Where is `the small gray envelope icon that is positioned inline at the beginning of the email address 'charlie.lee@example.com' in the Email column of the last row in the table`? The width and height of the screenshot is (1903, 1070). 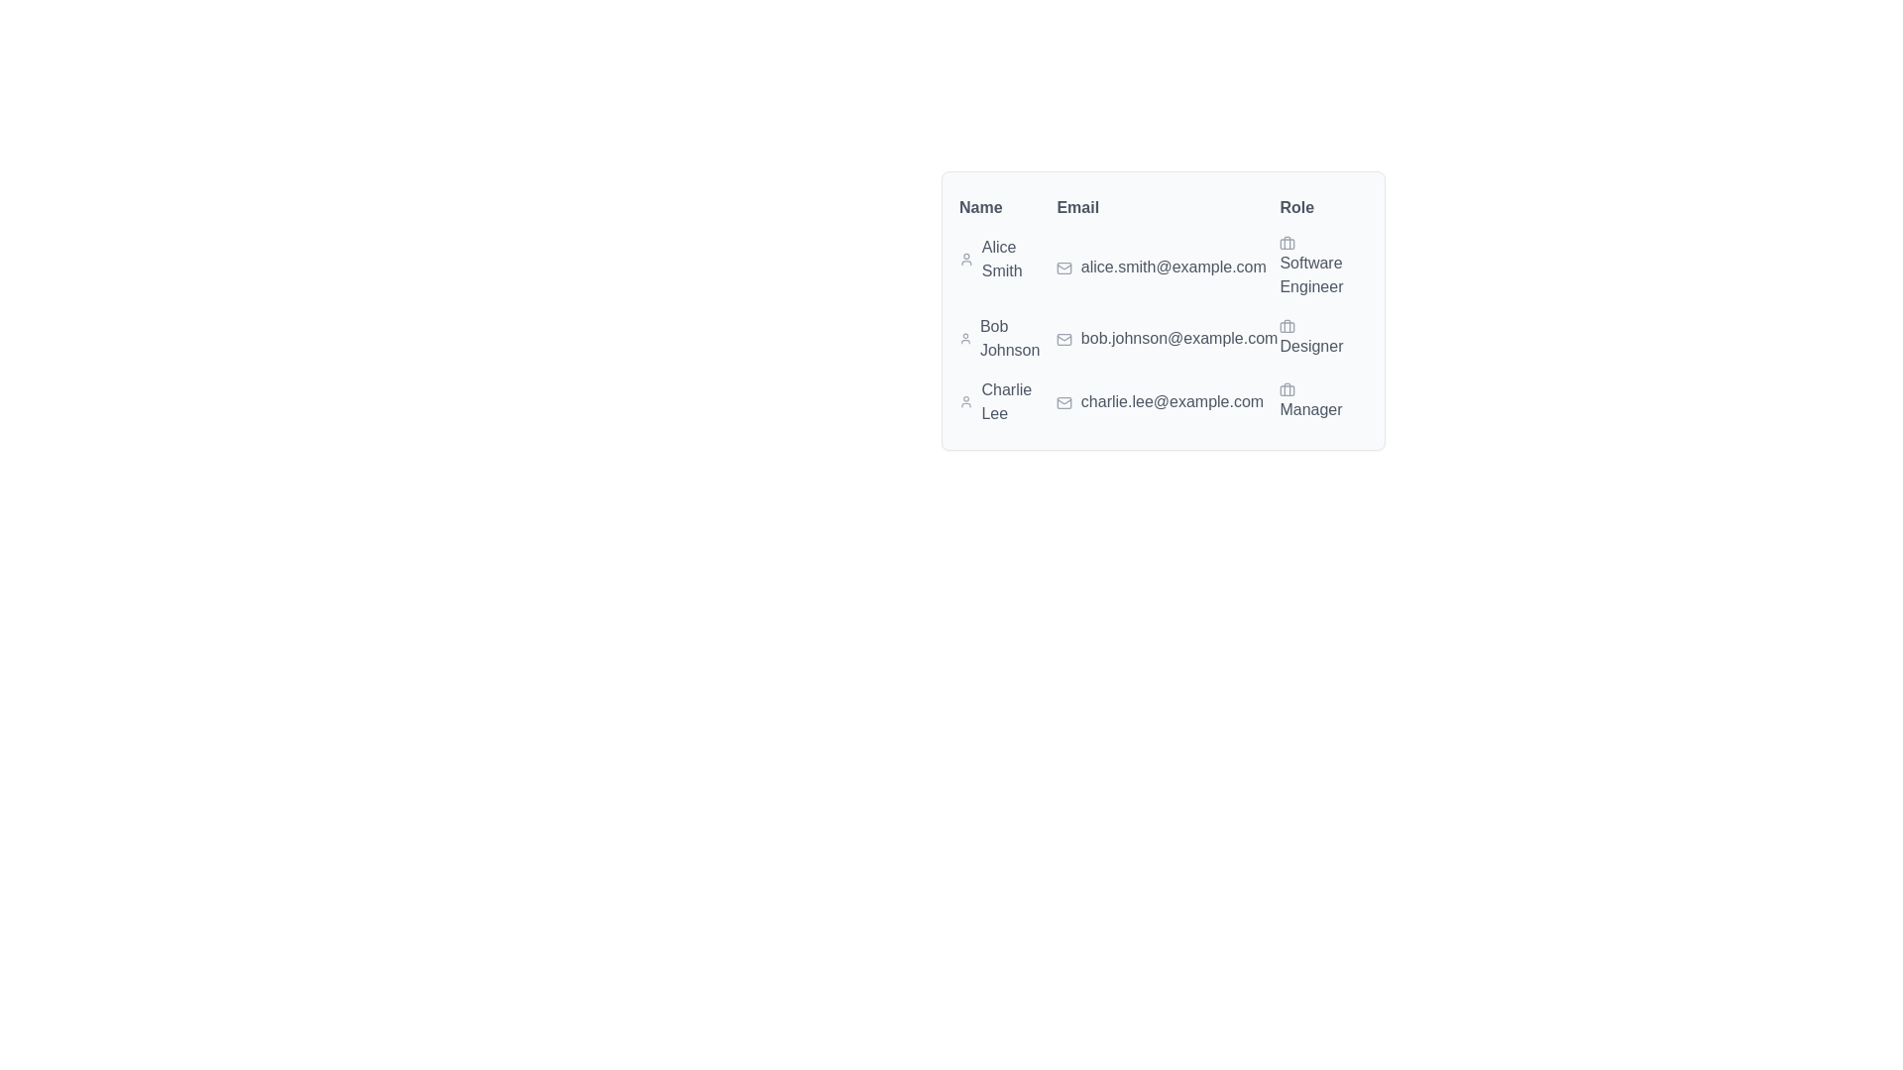 the small gray envelope icon that is positioned inline at the beginning of the email address 'charlie.lee@example.com' in the Email column of the last row in the table is located at coordinates (1063, 401).